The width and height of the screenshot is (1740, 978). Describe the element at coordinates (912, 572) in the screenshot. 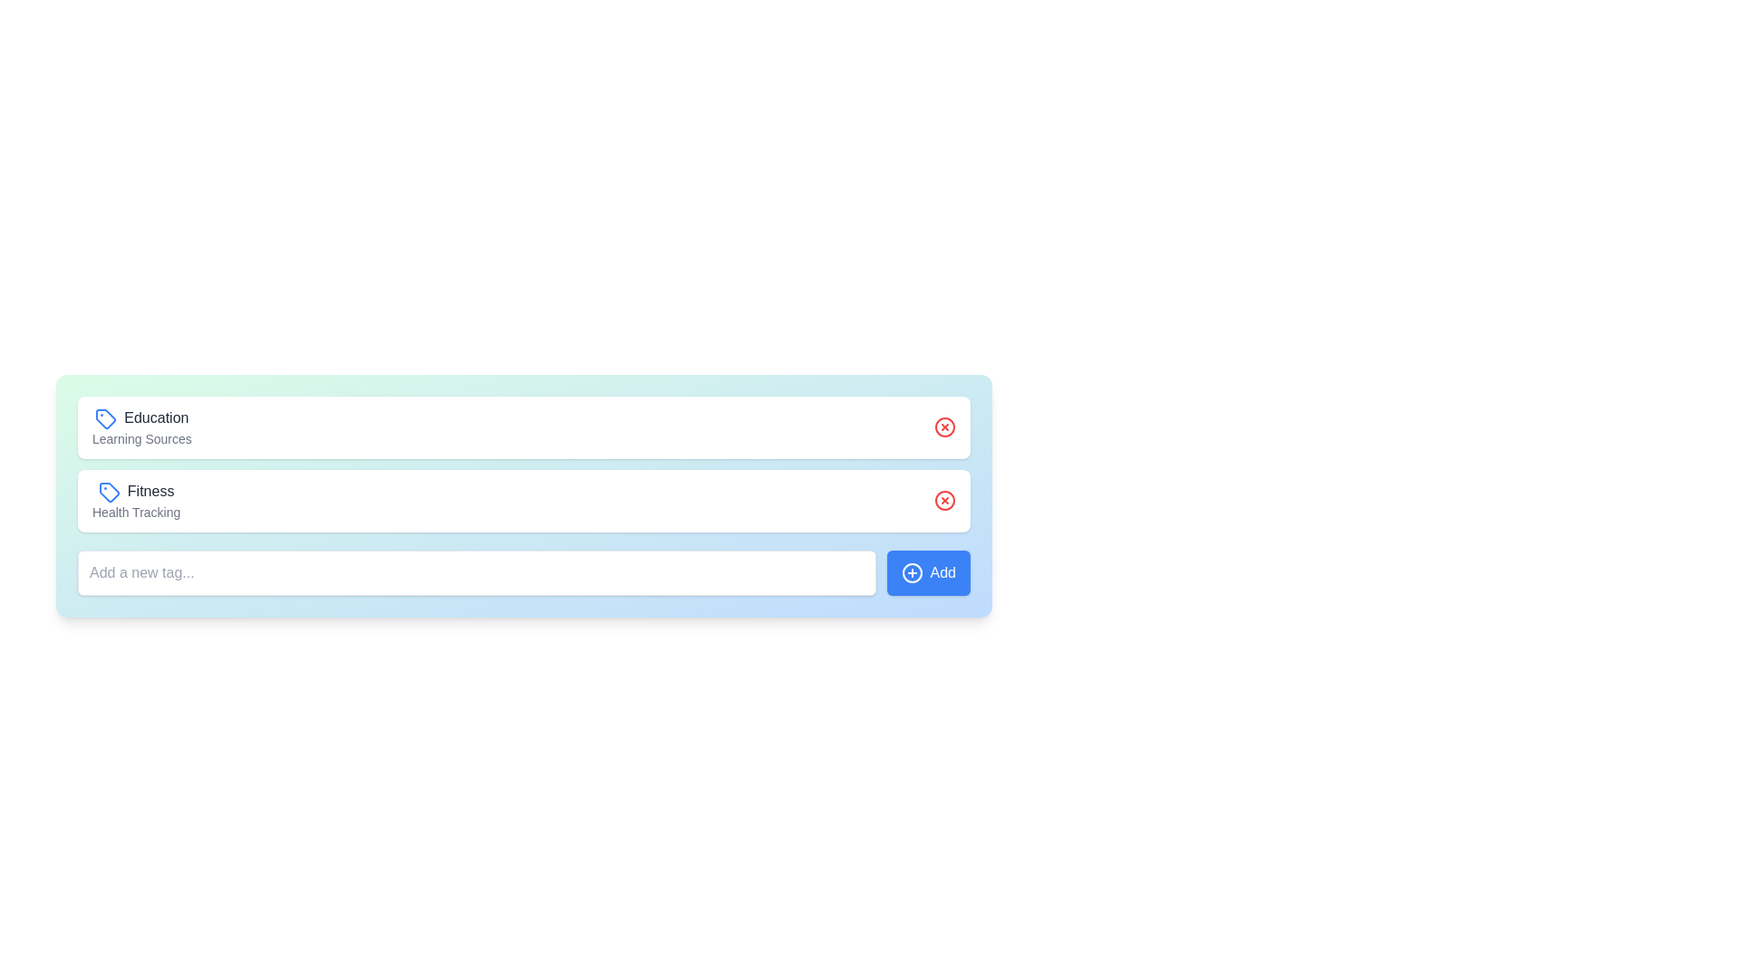

I see `the visual representation of the Circle element located within the SVG component, which is part of the 'Add' icon at the bottom right corner of the blue rectangular button` at that location.